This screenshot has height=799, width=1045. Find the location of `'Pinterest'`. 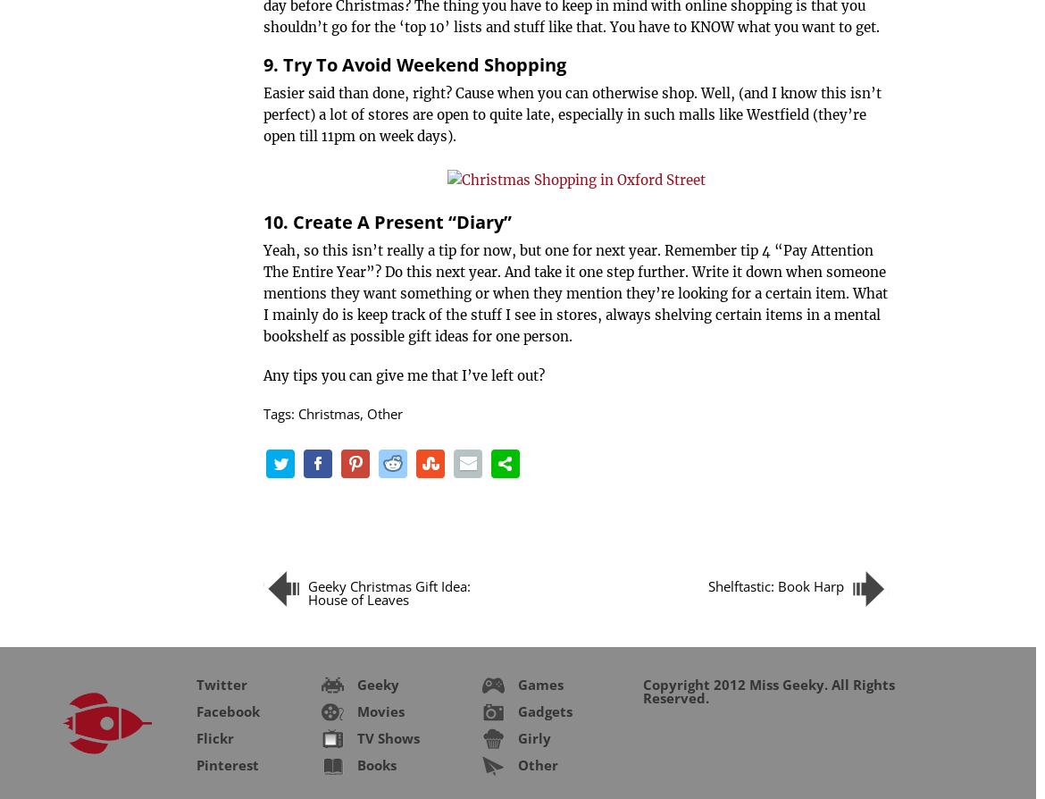

'Pinterest' is located at coordinates (227, 764).